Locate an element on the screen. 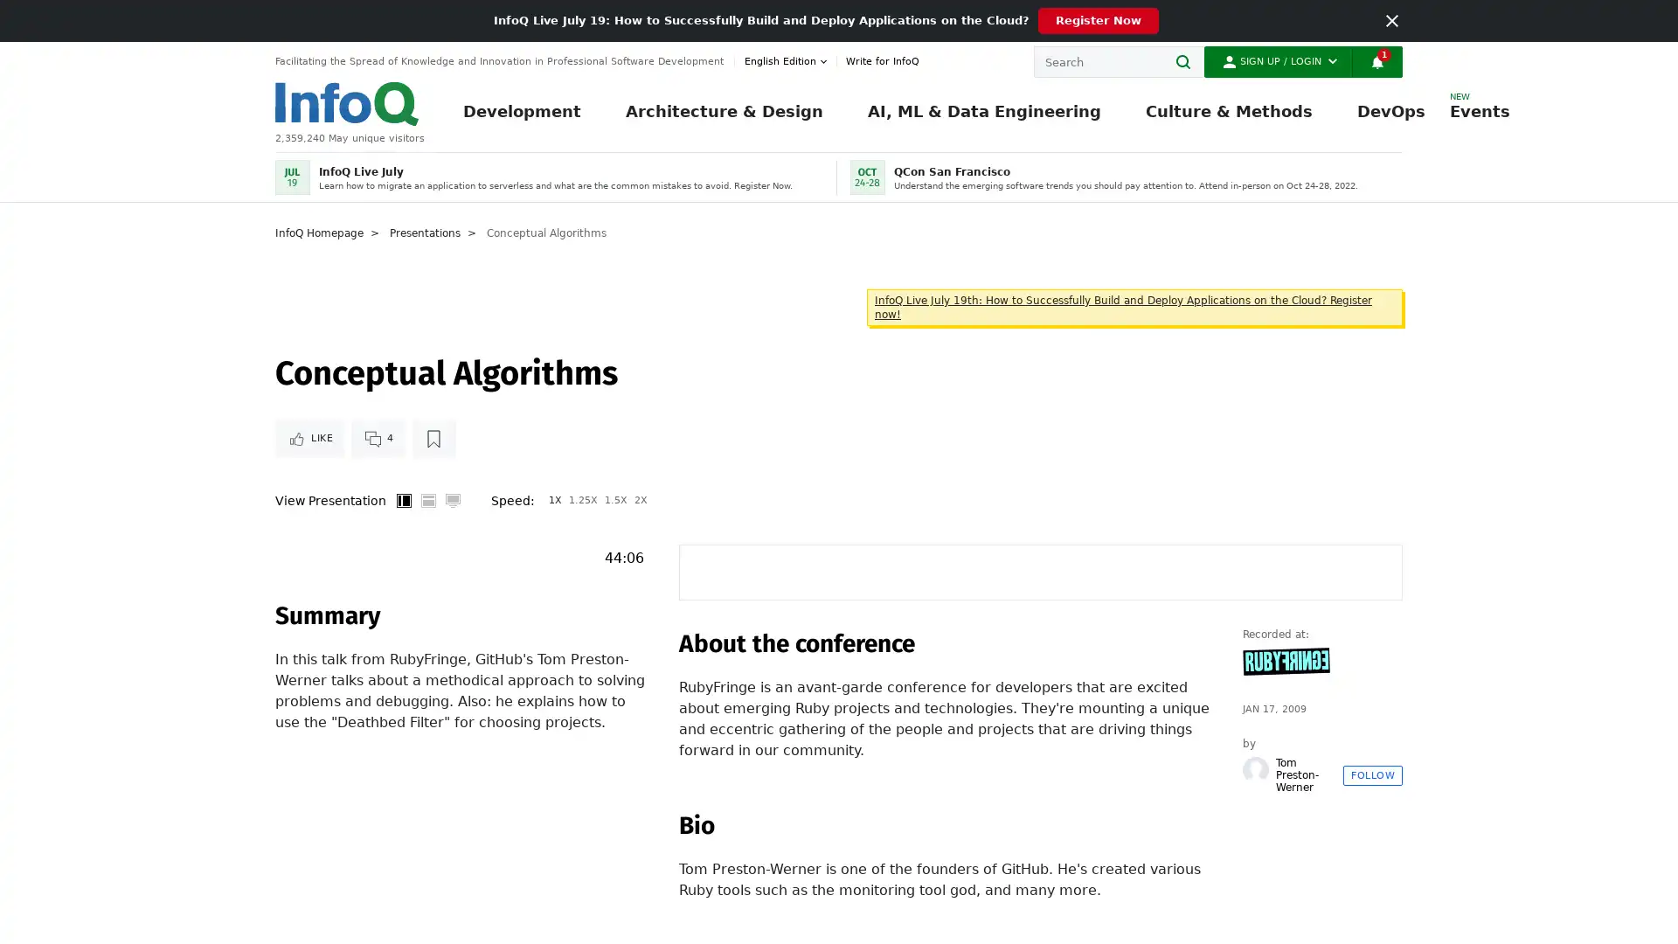 The image size is (1678, 944). 1.25x is located at coordinates (583, 501).